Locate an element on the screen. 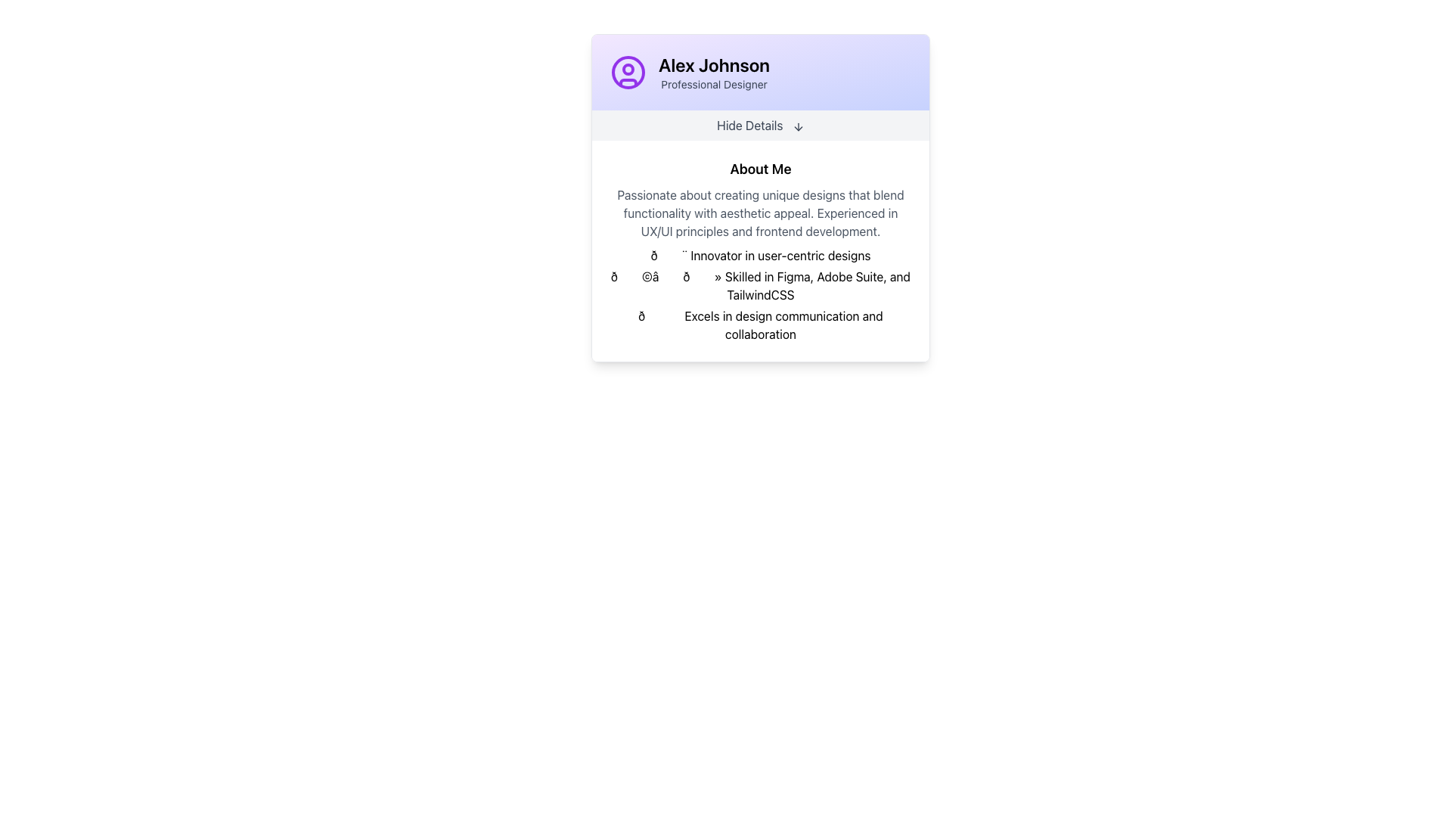  the professional title text displayed below 'Alex Johnson' in the profile card layout is located at coordinates (713, 84).